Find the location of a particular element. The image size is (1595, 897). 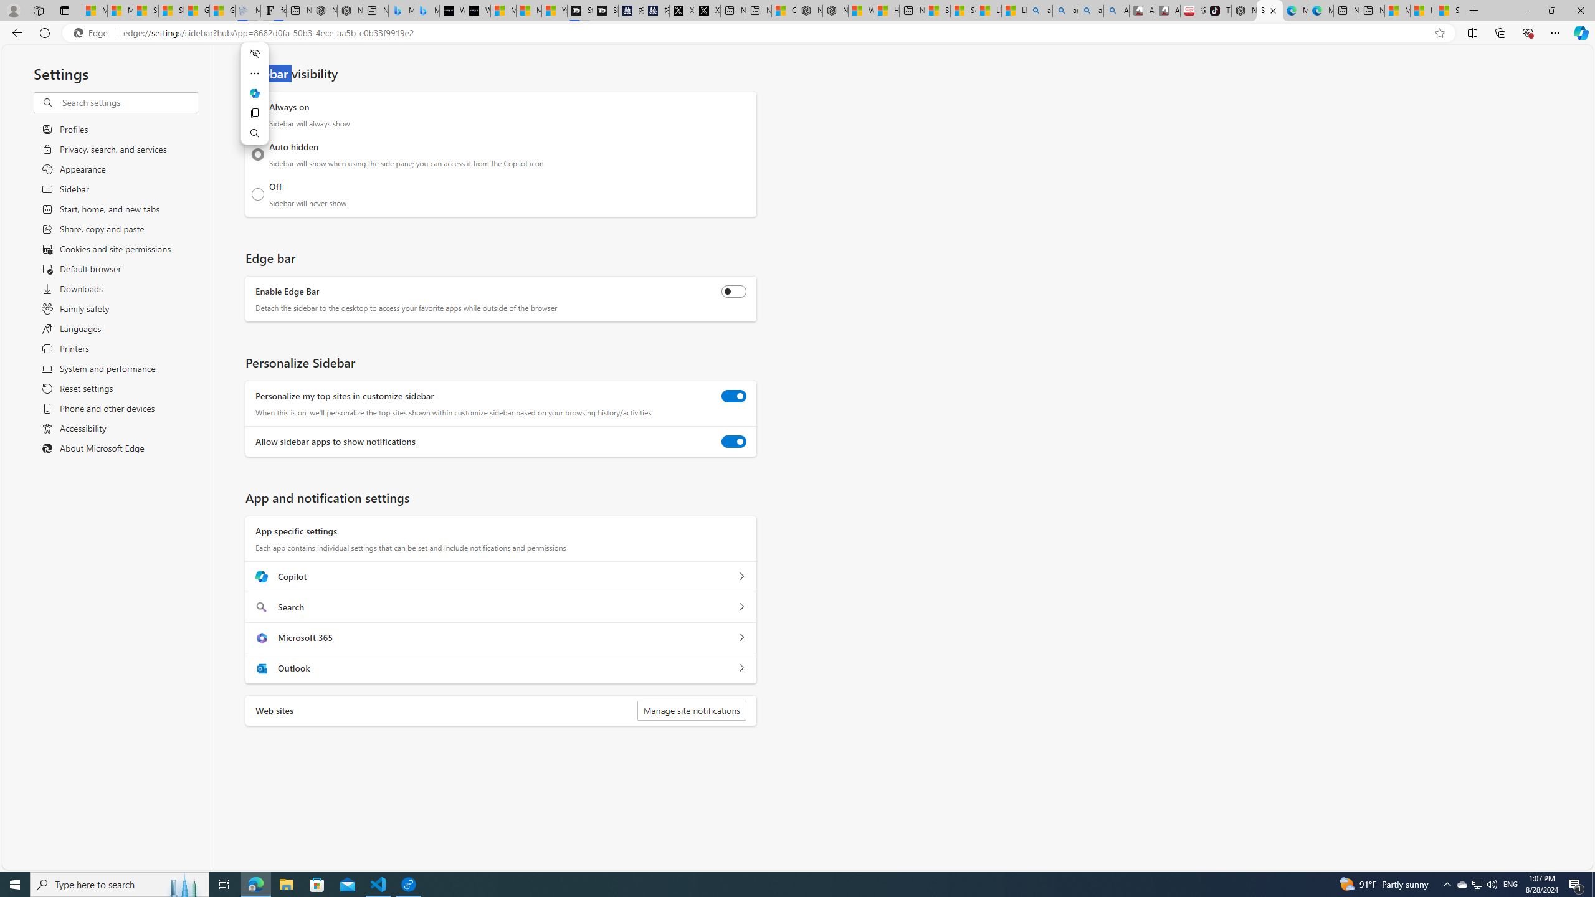

'TikTok' is located at coordinates (1217, 10).